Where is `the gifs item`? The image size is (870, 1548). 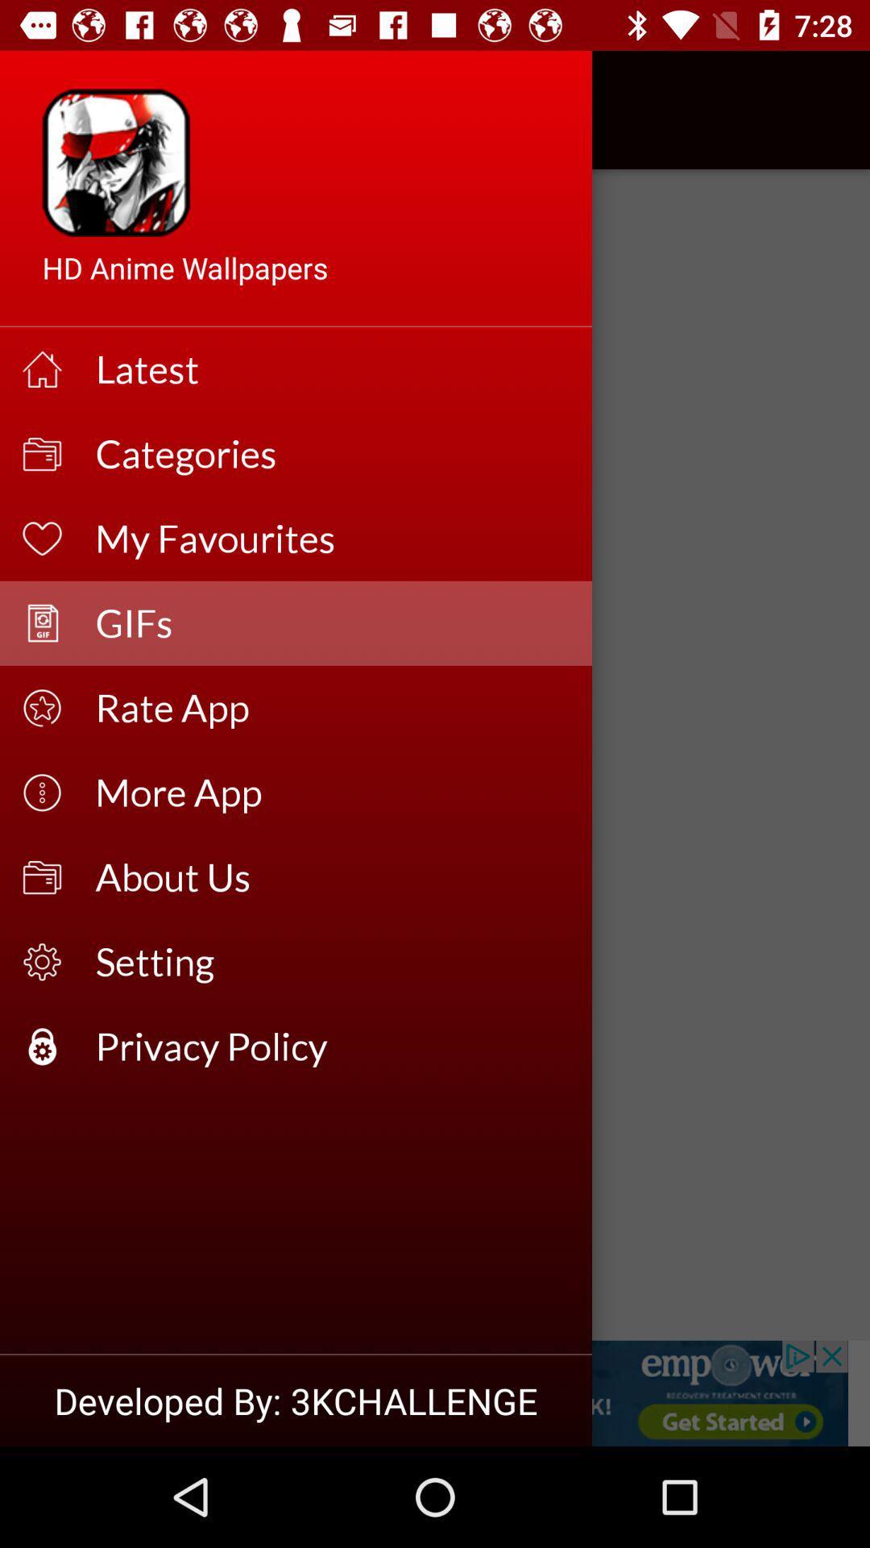 the gifs item is located at coordinates (332, 622).